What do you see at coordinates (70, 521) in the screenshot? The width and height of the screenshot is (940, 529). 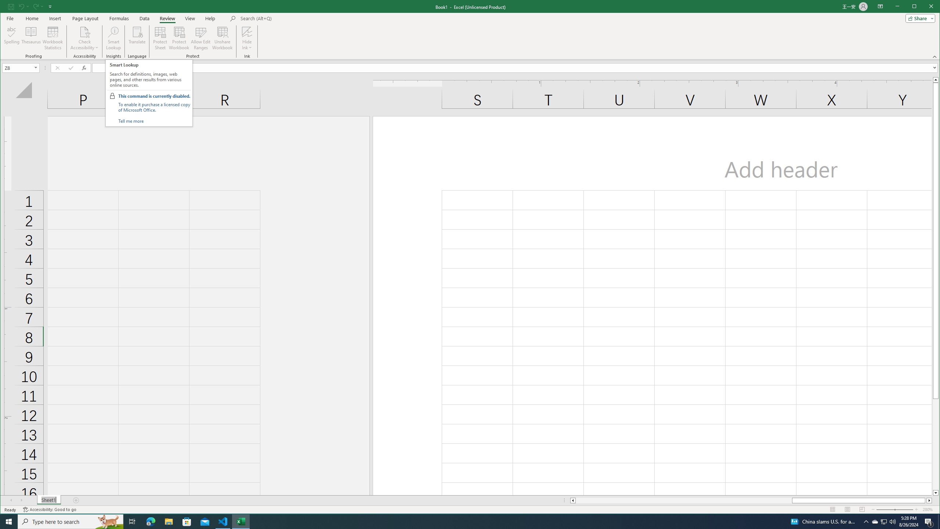 I see `'Type here to search'` at bounding box center [70, 521].